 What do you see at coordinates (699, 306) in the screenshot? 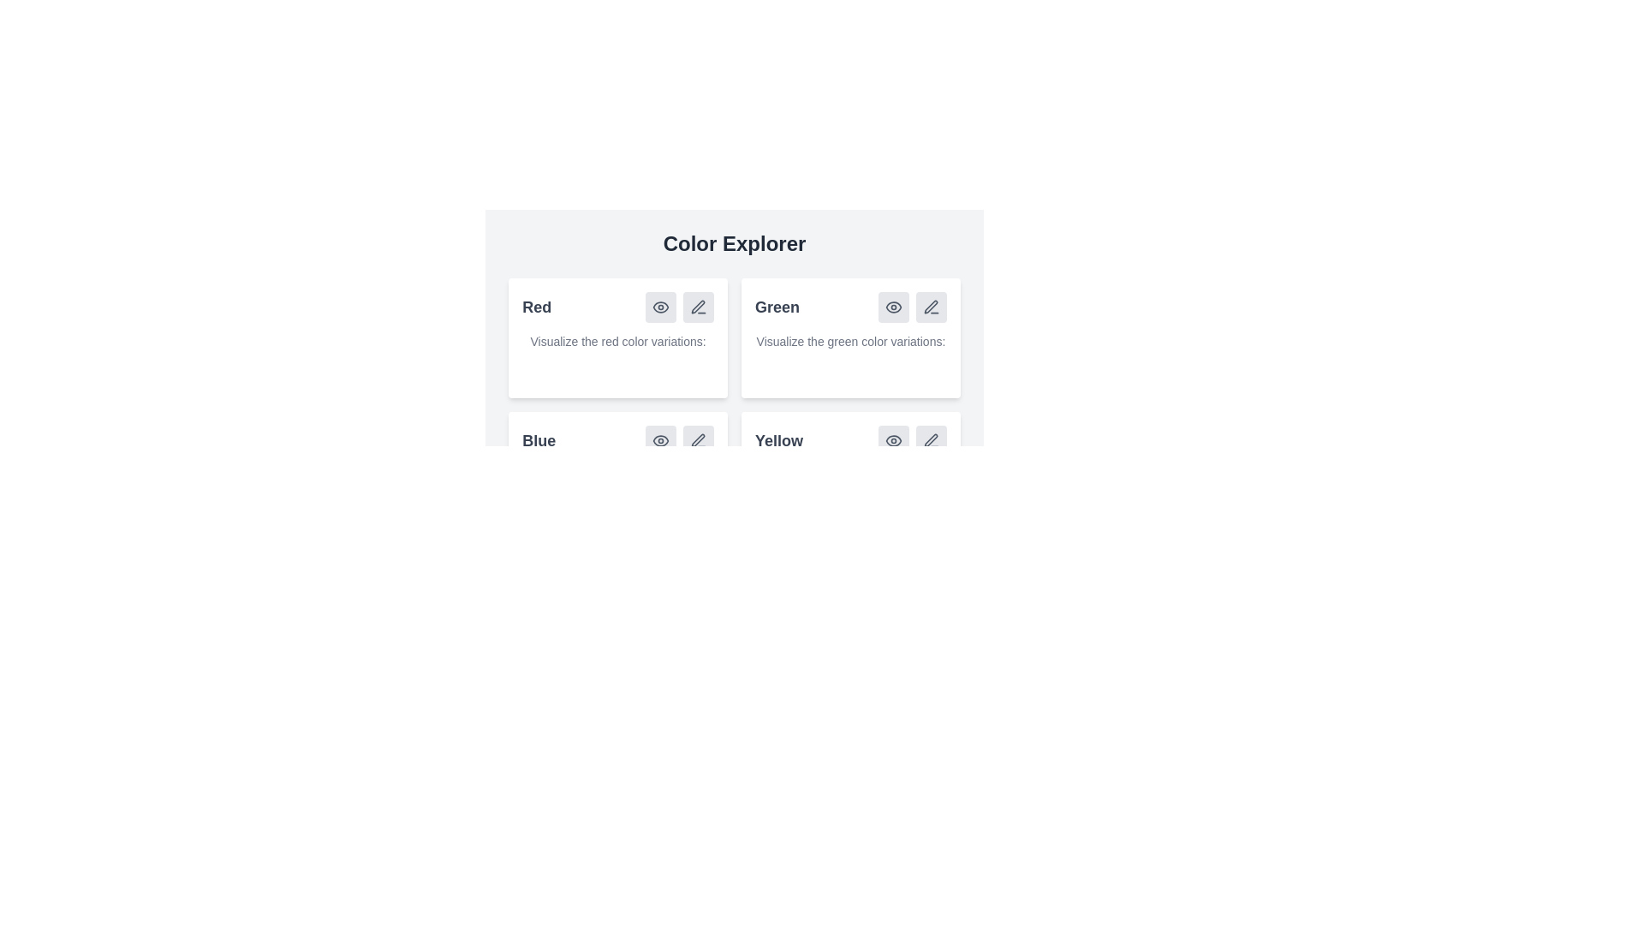
I see `the button featuring an icon in the top-right section of the 'Red' color card` at bounding box center [699, 306].